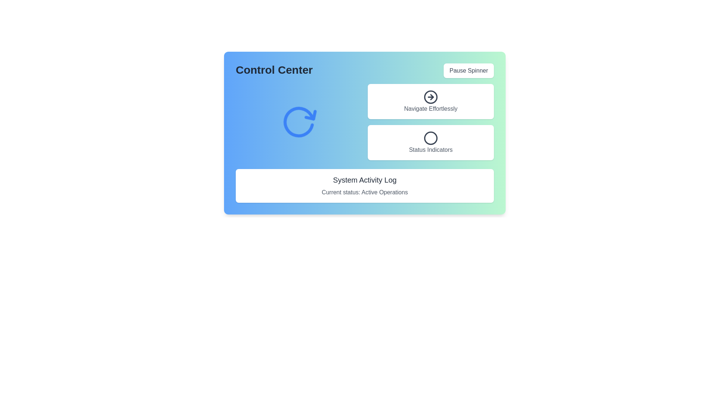 This screenshot has width=704, height=396. Describe the element at coordinates (431, 149) in the screenshot. I see `the 'Status Indicators' text that is styled in gray within a white, shadowed, rounded box located in the lower-middle section of the interface` at that location.